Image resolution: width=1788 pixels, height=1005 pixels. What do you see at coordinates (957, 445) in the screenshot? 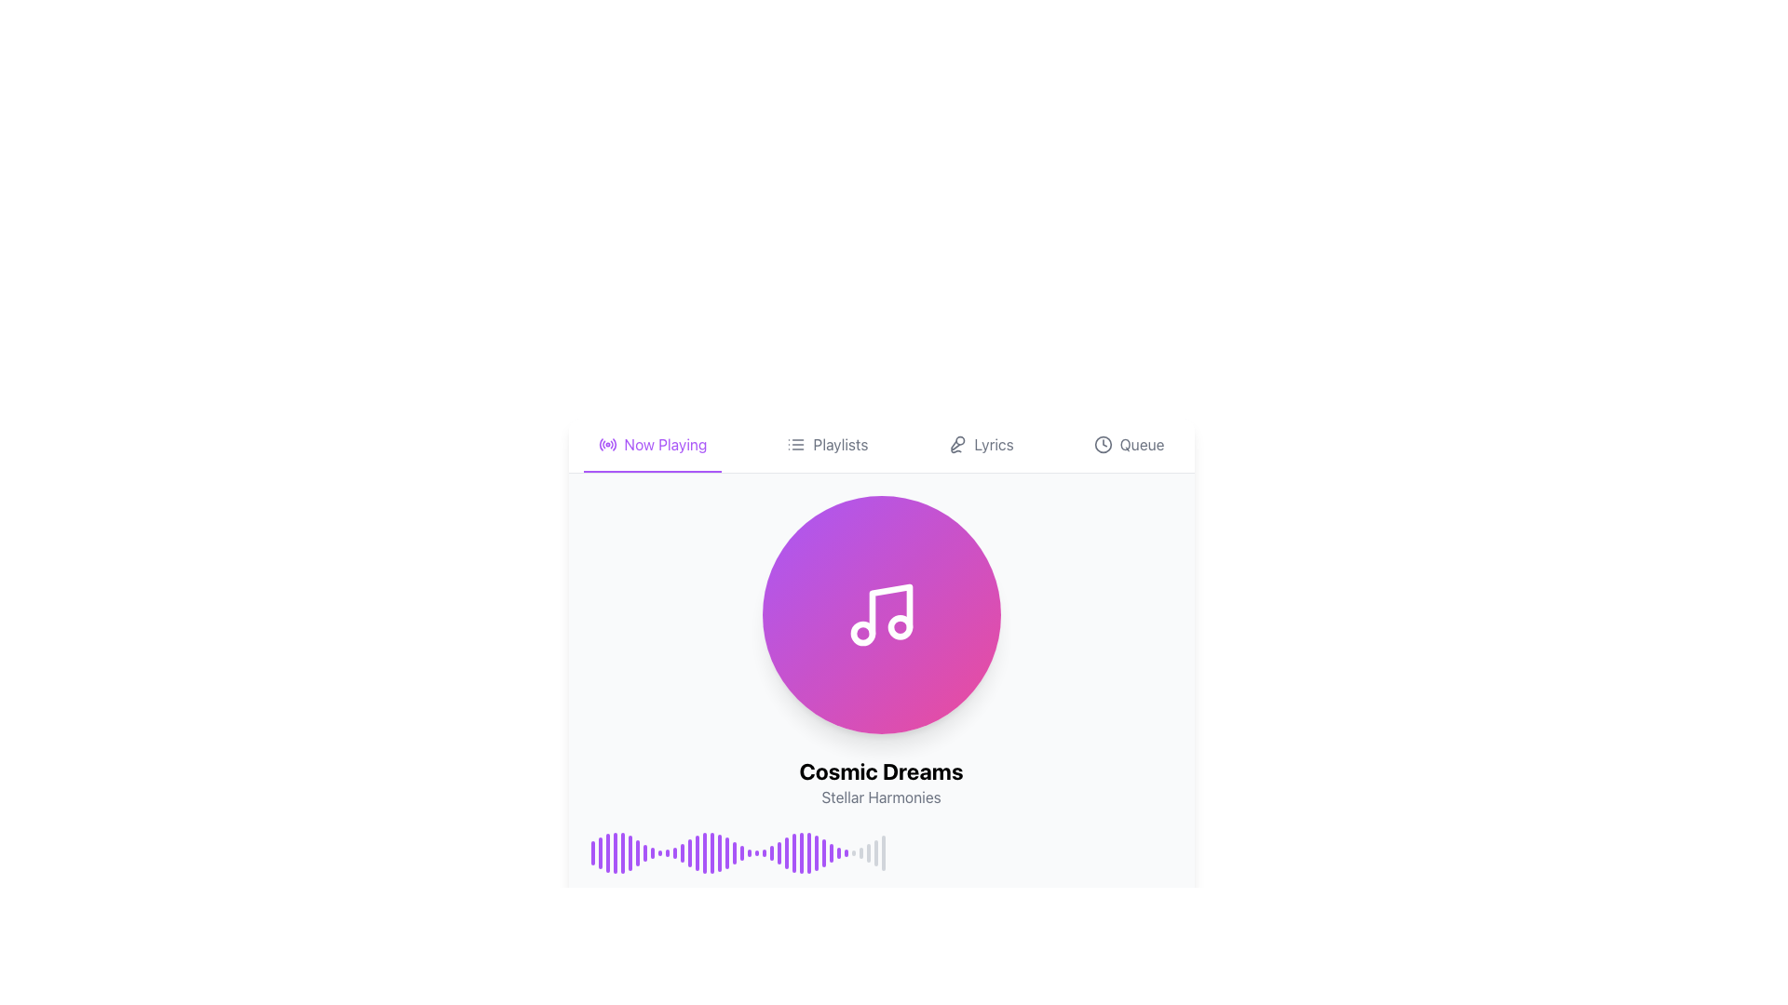
I see `the microphone icon next to the 'Lyrics' label` at bounding box center [957, 445].